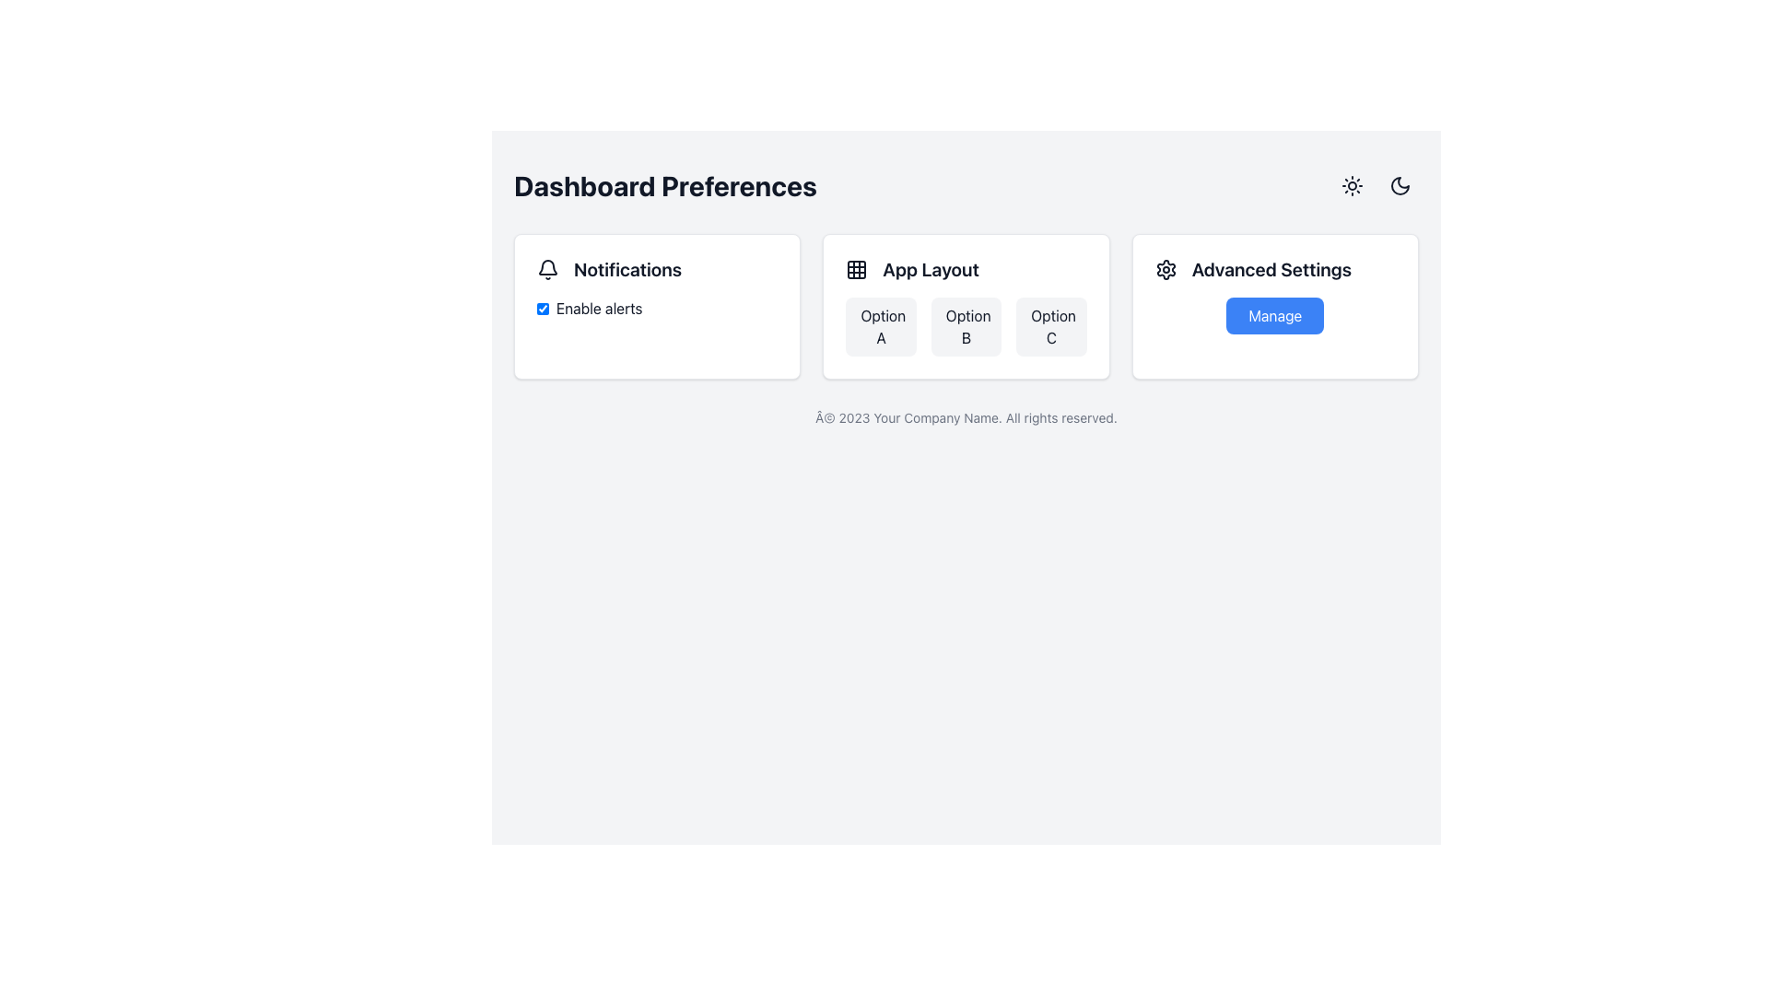  What do you see at coordinates (1165, 270) in the screenshot?
I see `the intricate gear-like icon in the top-right section of the interface` at bounding box center [1165, 270].